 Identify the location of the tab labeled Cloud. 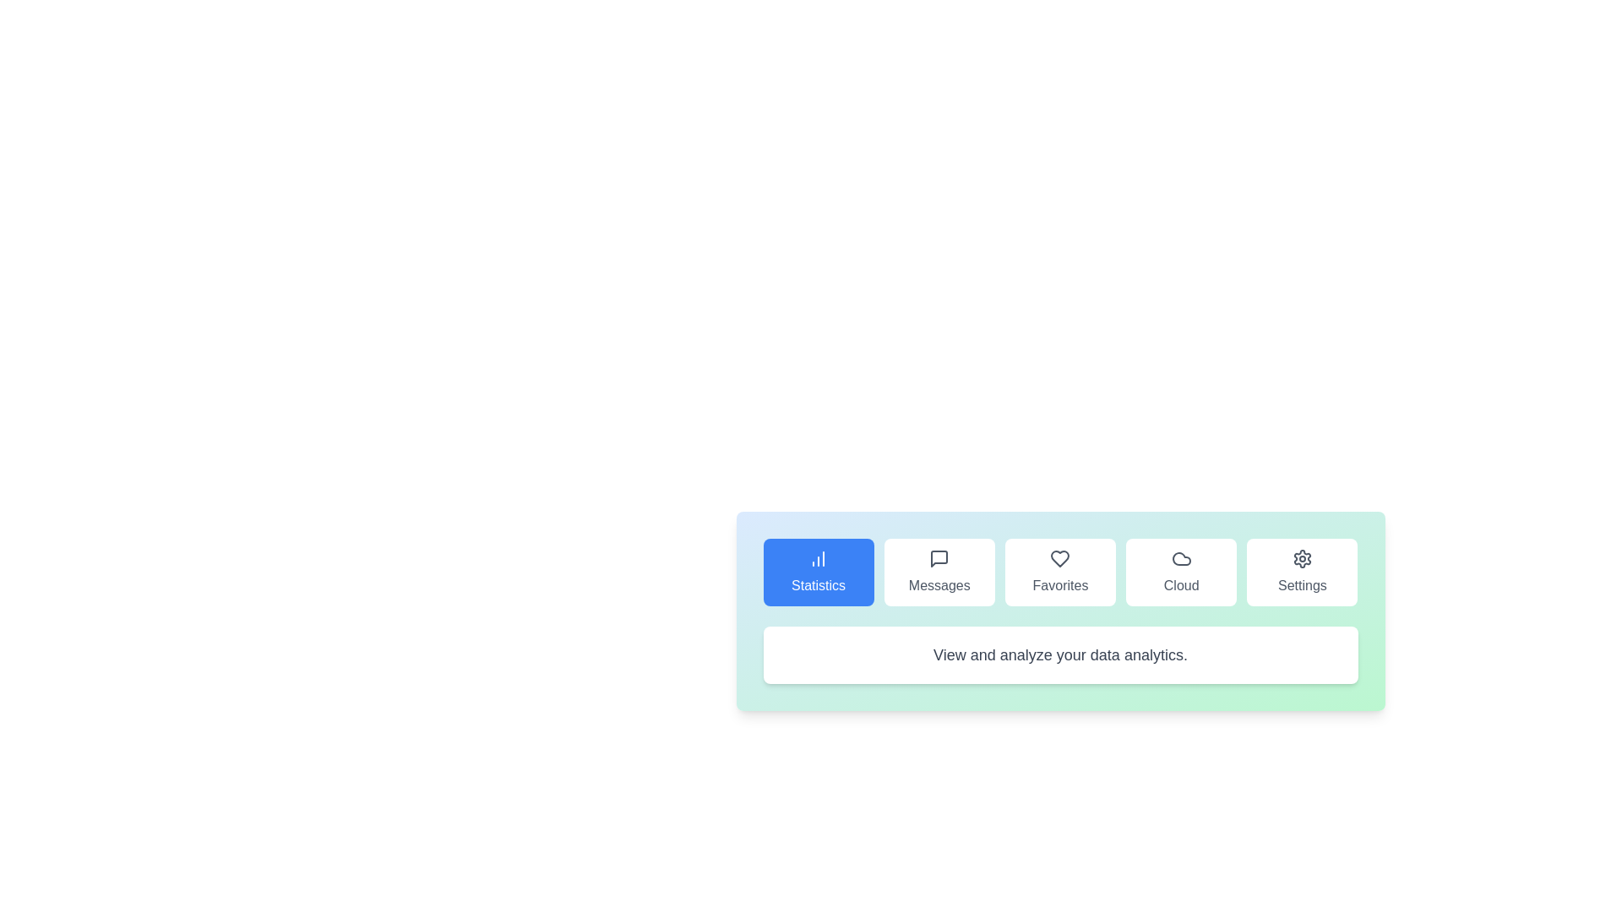
(1180, 572).